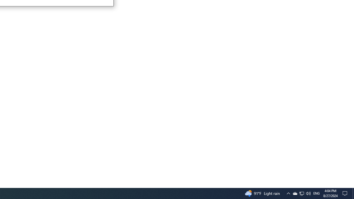 Image resolution: width=354 pixels, height=199 pixels. What do you see at coordinates (316, 193) in the screenshot?
I see `'Q2790: 100%'` at bounding box center [316, 193].